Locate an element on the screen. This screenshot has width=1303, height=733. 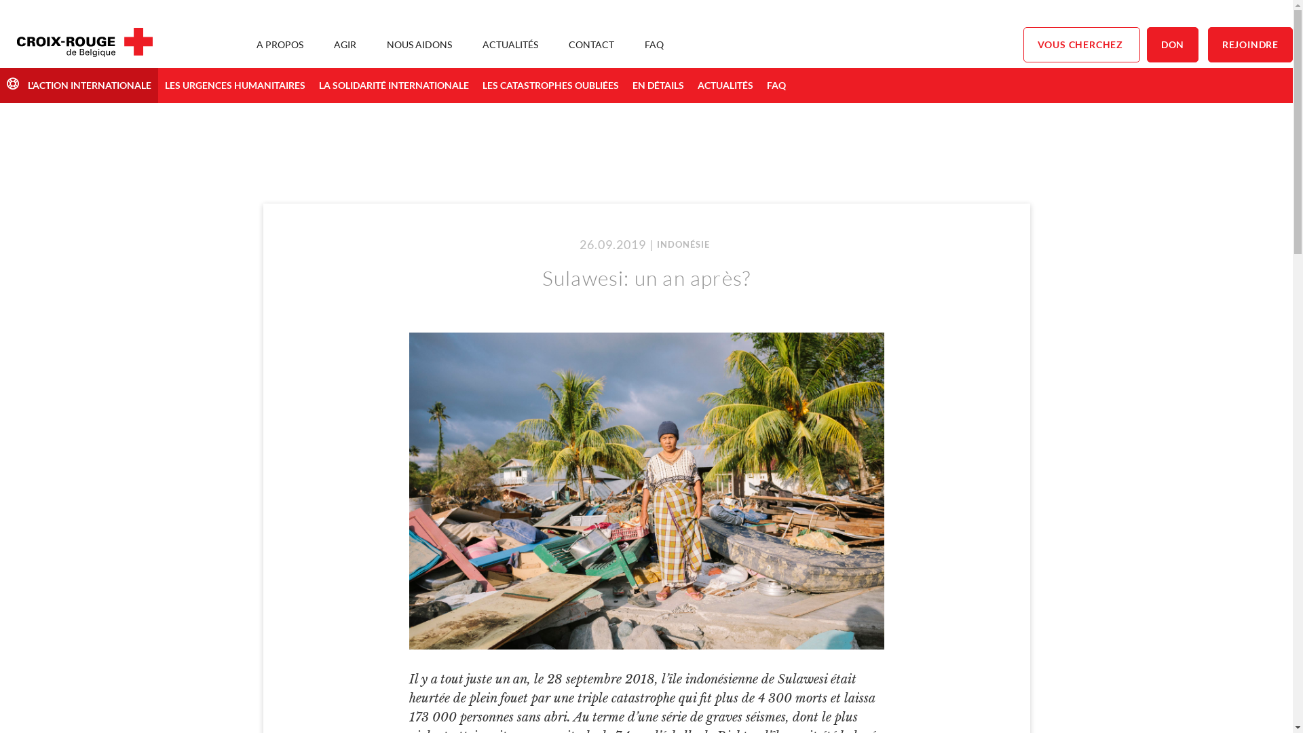
'REJOINDRE' is located at coordinates (1249, 43).